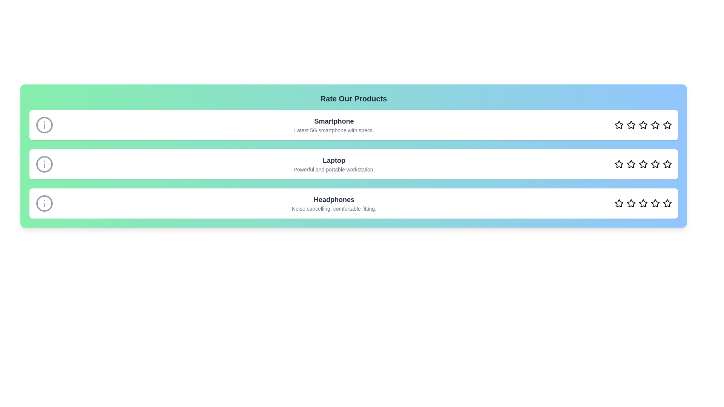 Image resolution: width=724 pixels, height=407 pixels. Describe the element at coordinates (643, 203) in the screenshot. I see `the stars in the Rating interface for the 'Headphones' product to provide a rating` at that location.